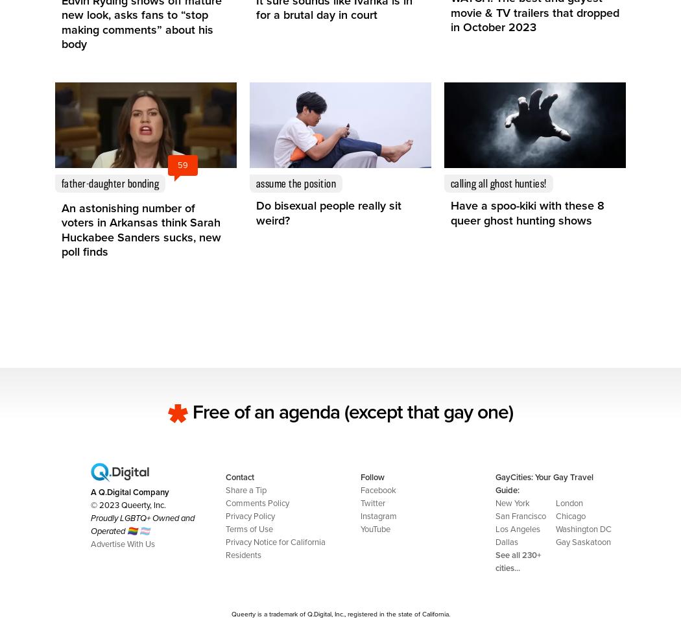  Describe the element at coordinates (328, 213) in the screenshot. I see `'Do bisexual people really sit weird?'` at that location.